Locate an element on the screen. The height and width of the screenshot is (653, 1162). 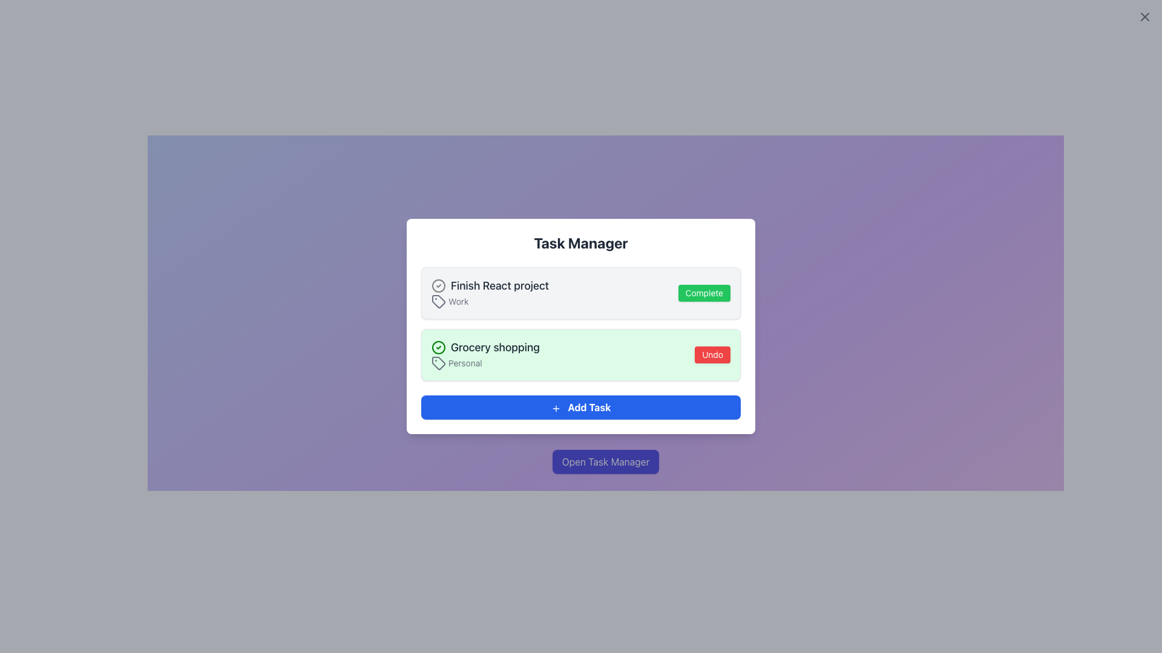
the tag-shaped SVG icon that represents a label, located to the left of the 'Work' text, associated with the 'Finish React project' task is located at coordinates (438, 301).